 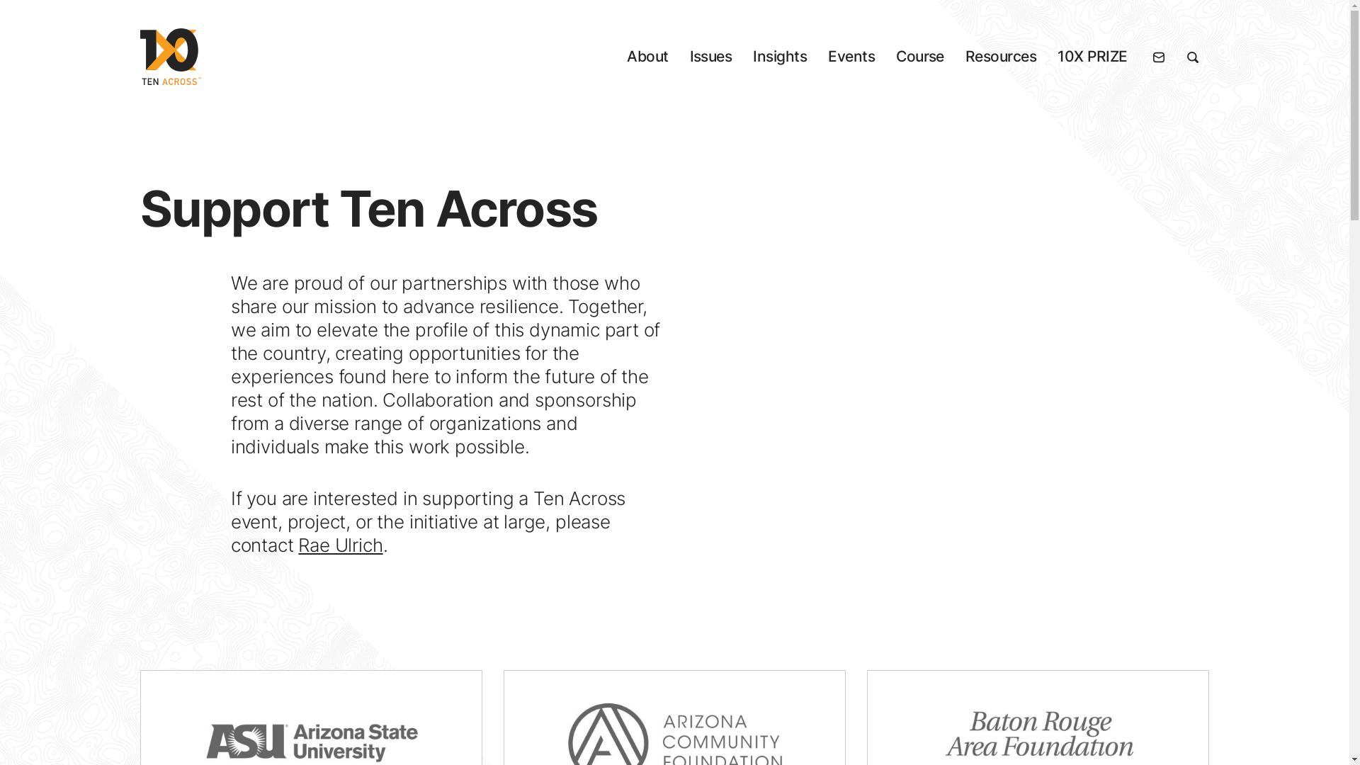 What do you see at coordinates (646, 56) in the screenshot?
I see `'About'` at bounding box center [646, 56].